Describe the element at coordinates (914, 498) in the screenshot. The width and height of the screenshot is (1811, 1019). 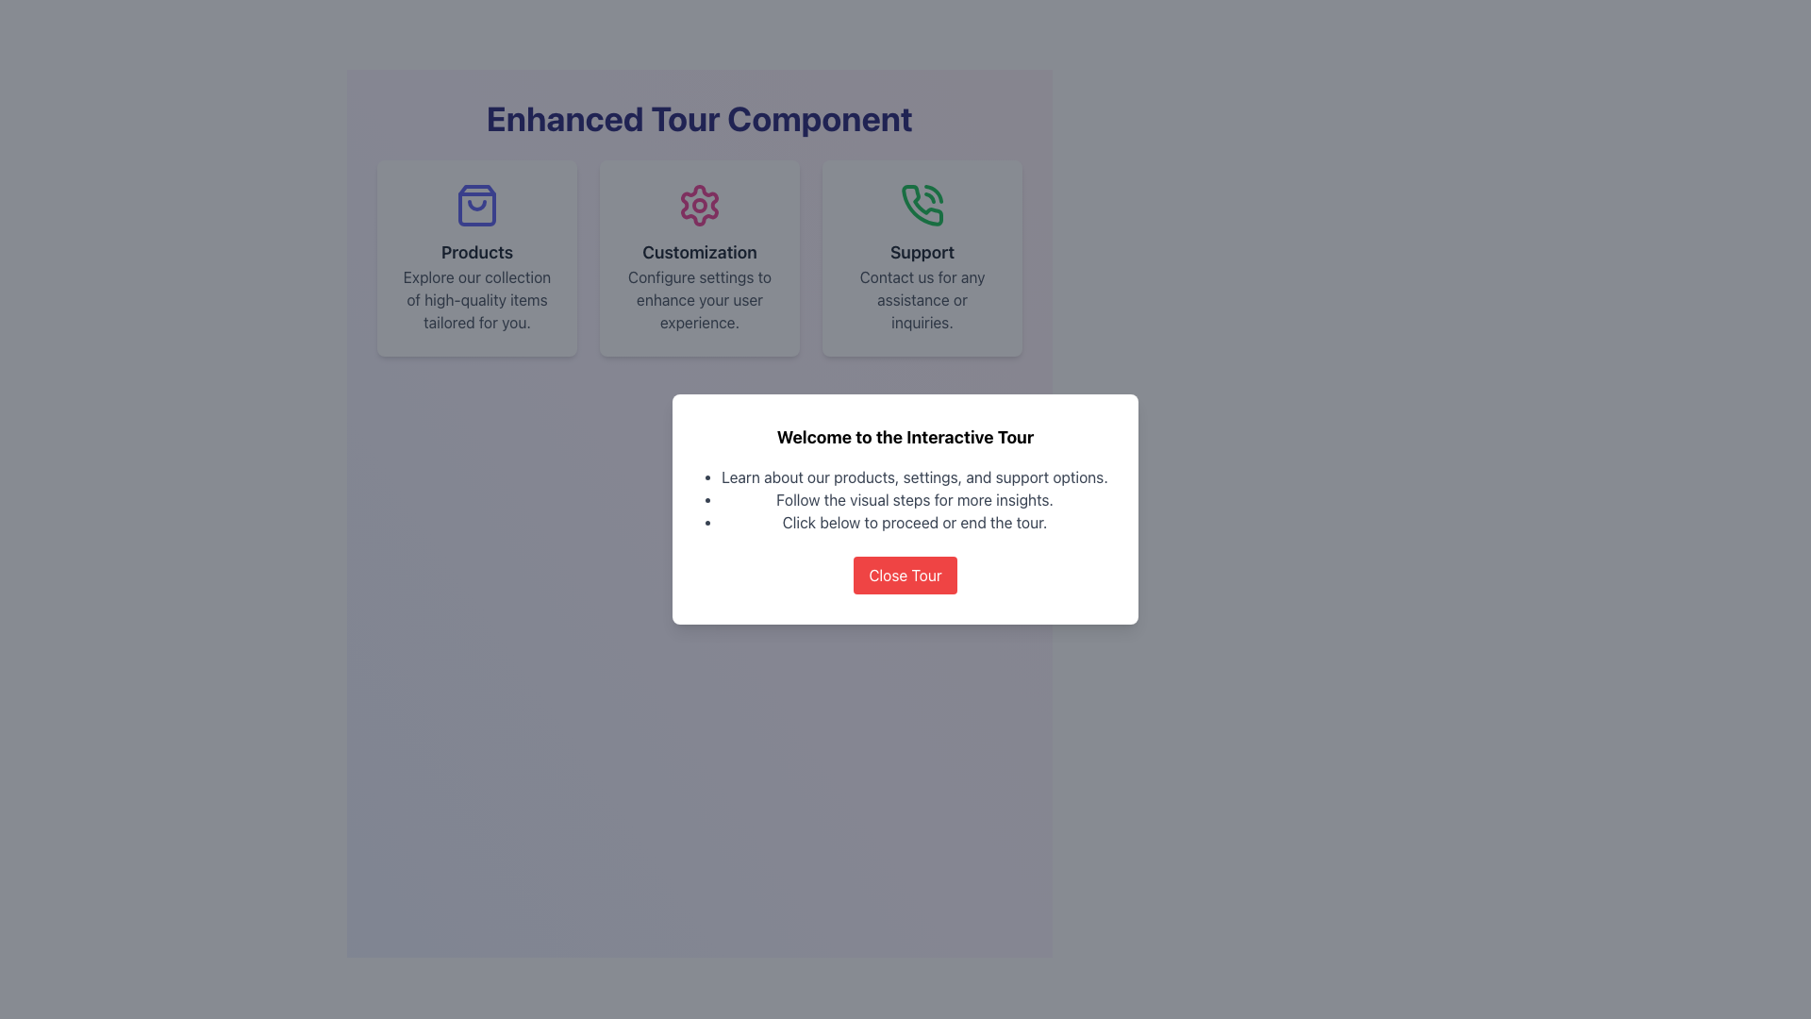
I see `the text element displaying 'Follow the visual steps for more insights.' which is the second item in a bulleted list within a white, rounded-rectangular panel` at that location.